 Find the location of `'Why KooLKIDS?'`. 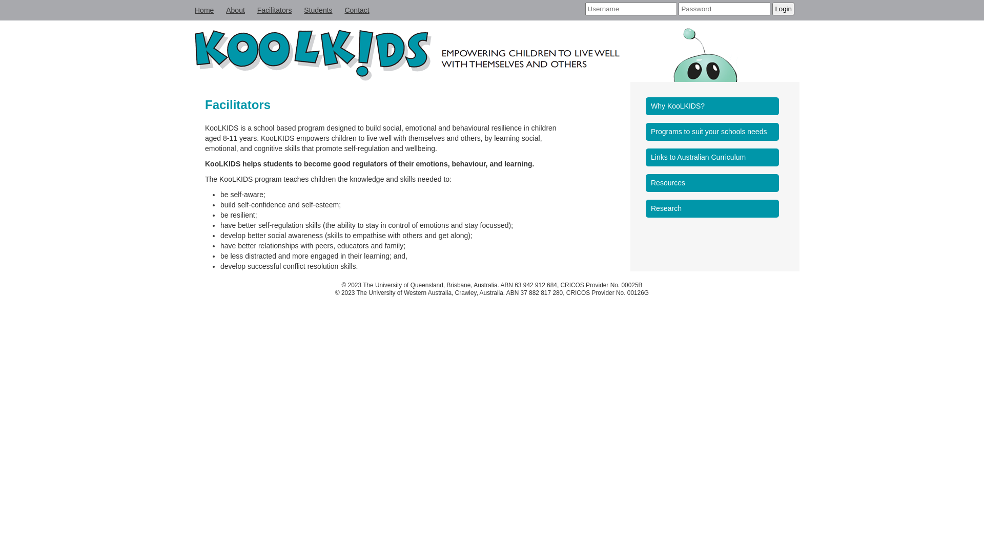

'Why KooLKIDS?' is located at coordinates (714, 106).